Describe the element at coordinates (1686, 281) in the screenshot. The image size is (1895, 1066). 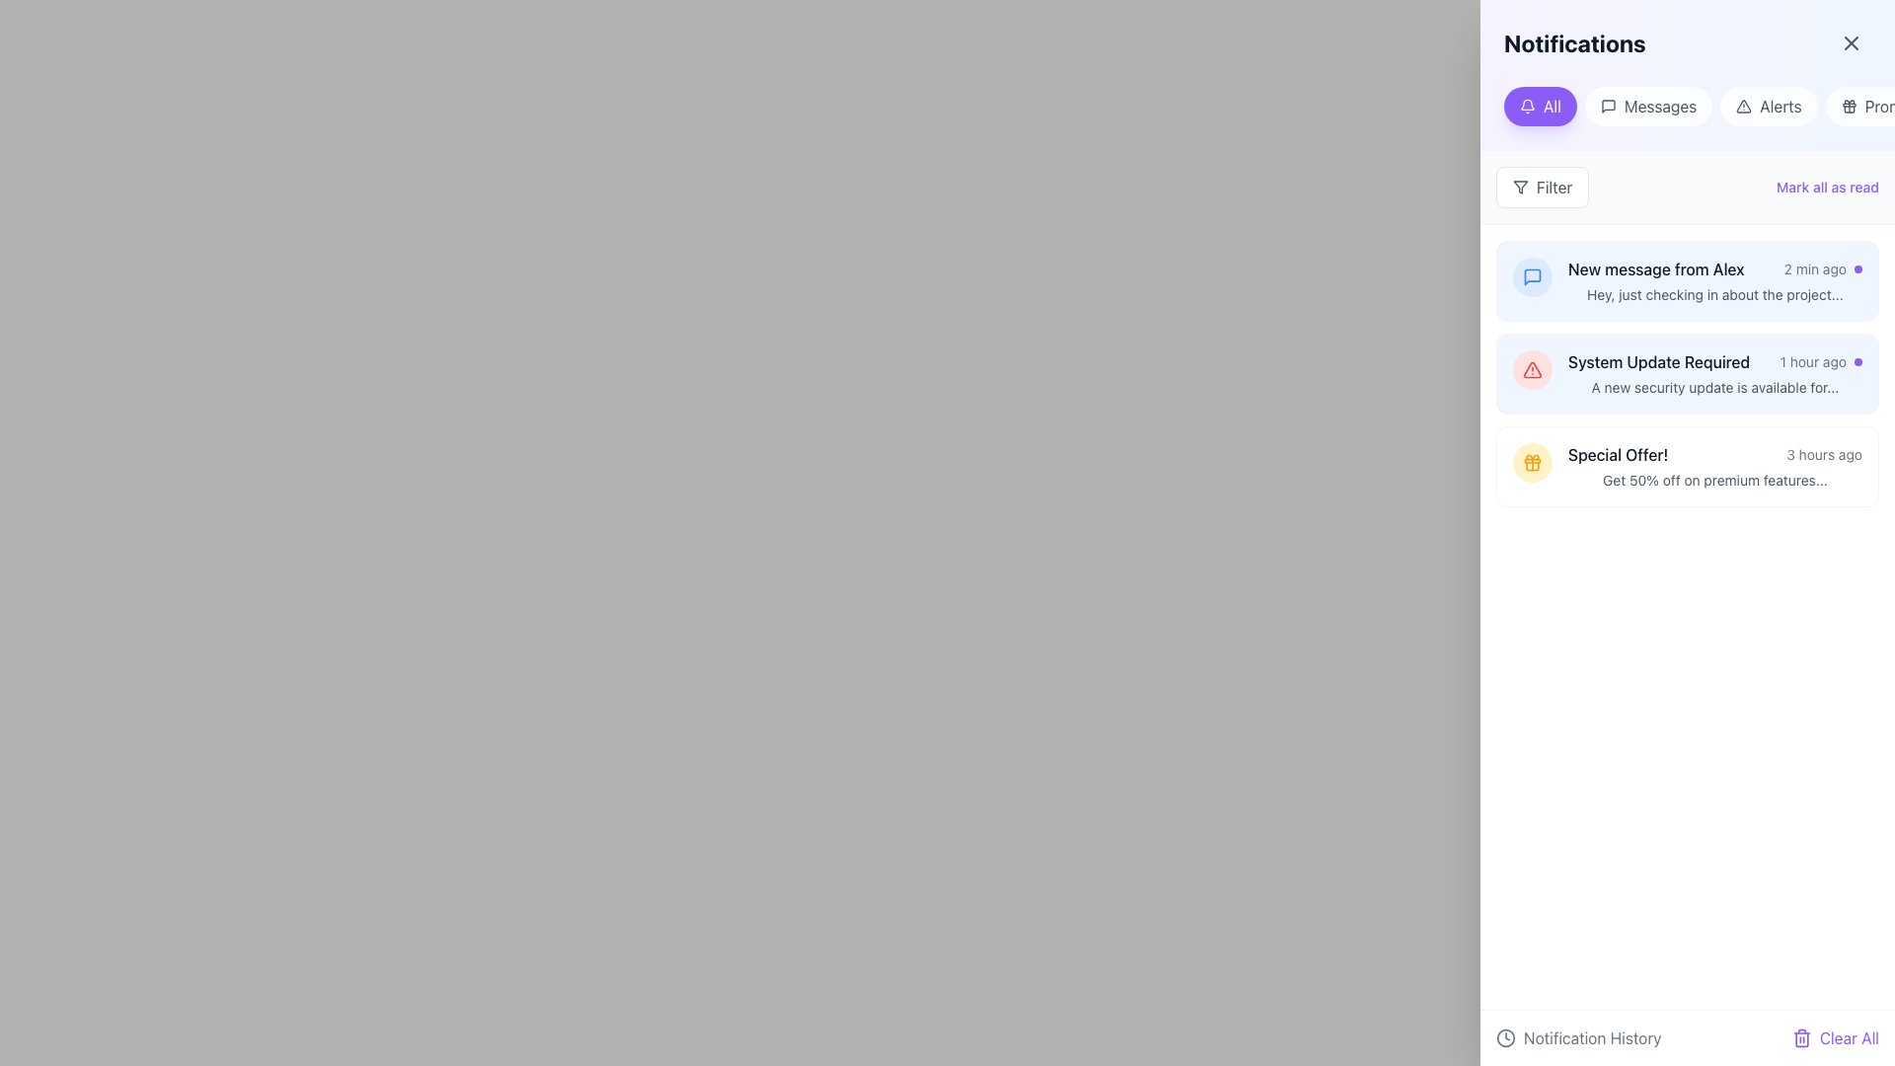
I see `the first notification card in the notifications panel` at that location.